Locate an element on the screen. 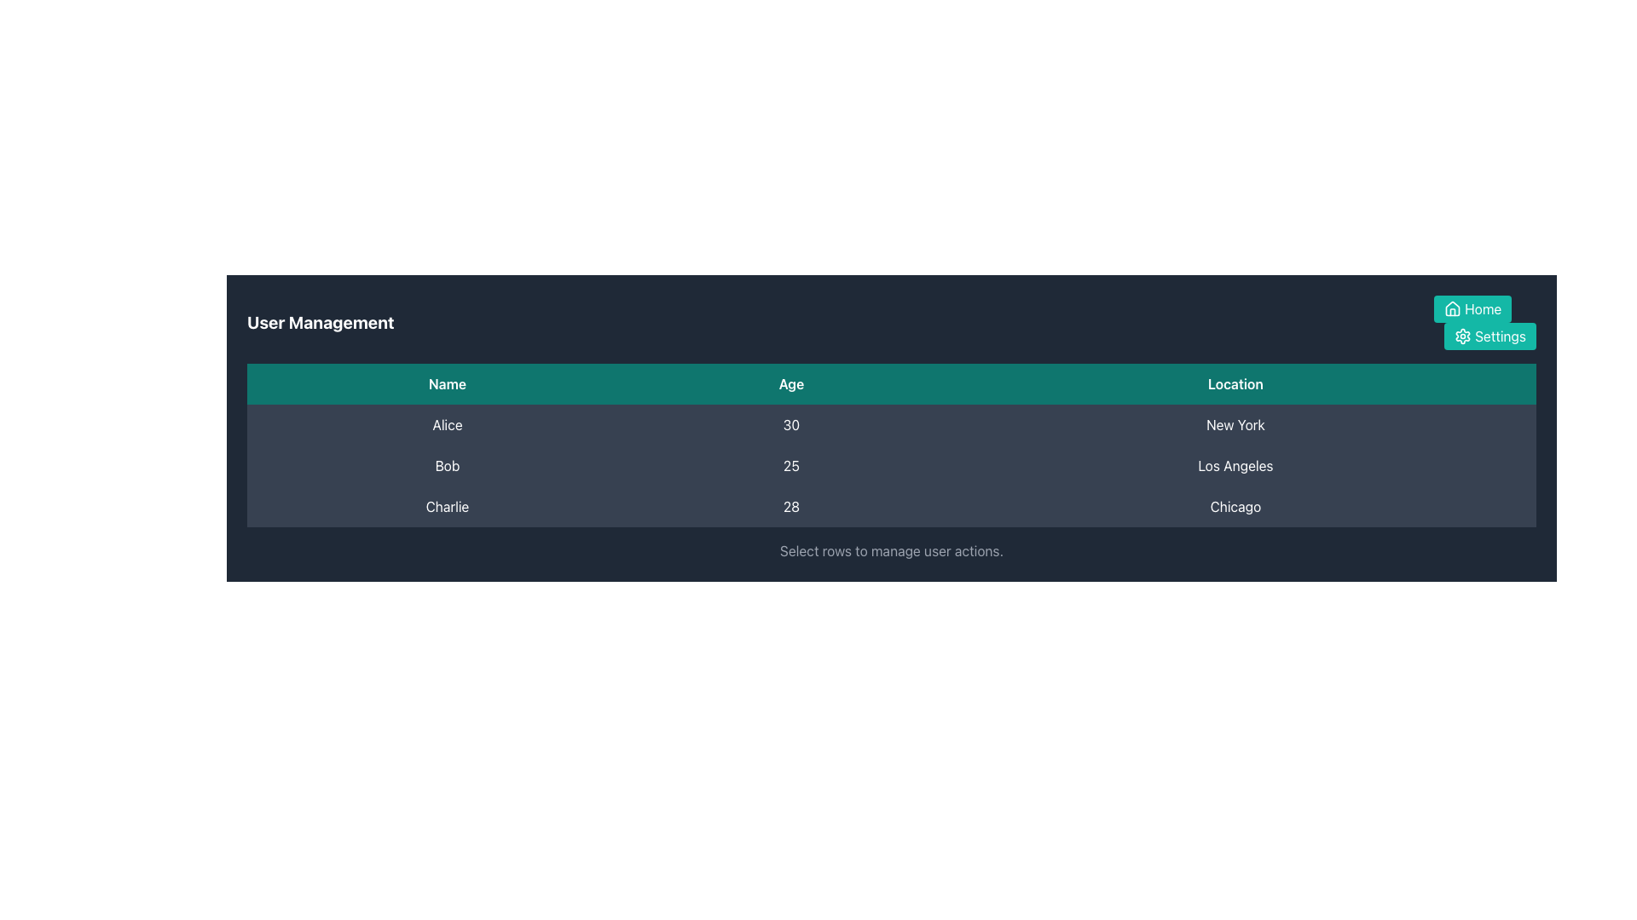 Image resolution: width=1637 pixels, height=920 pixels. the text display indicating 'Chicago', which is the third segment in the row labeled 'Charlie' and '28' is located at coordinates (1235, 505).